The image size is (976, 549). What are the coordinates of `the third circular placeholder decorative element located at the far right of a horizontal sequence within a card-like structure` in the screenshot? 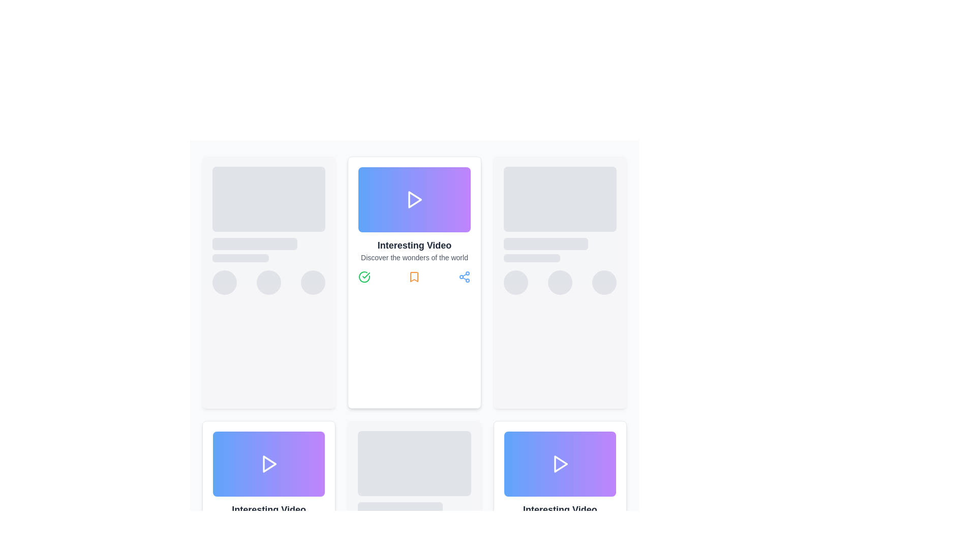 It's located at (604, 282).